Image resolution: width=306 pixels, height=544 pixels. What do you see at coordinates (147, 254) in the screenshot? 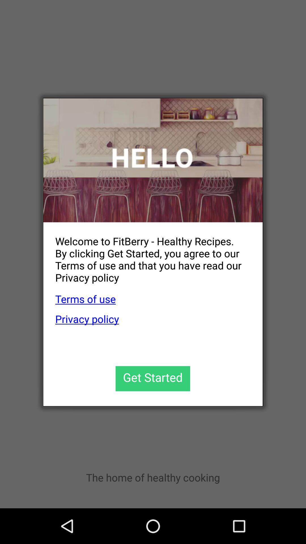
I see `the item above the terms of use icon` at bounding box center [147, 254].